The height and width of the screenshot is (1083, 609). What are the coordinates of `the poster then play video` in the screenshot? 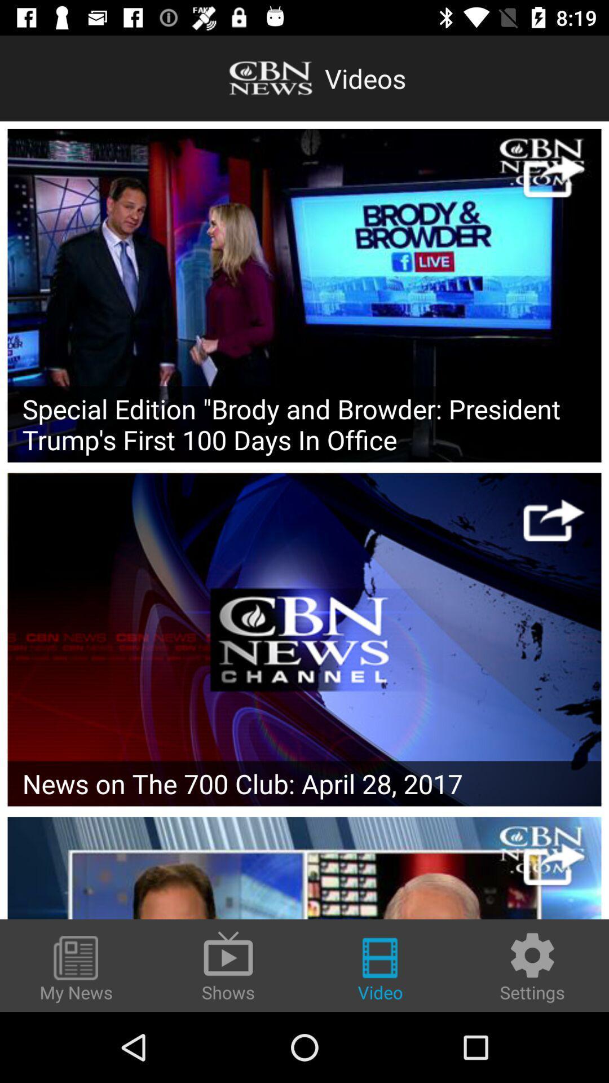 It's located at (304, 296).